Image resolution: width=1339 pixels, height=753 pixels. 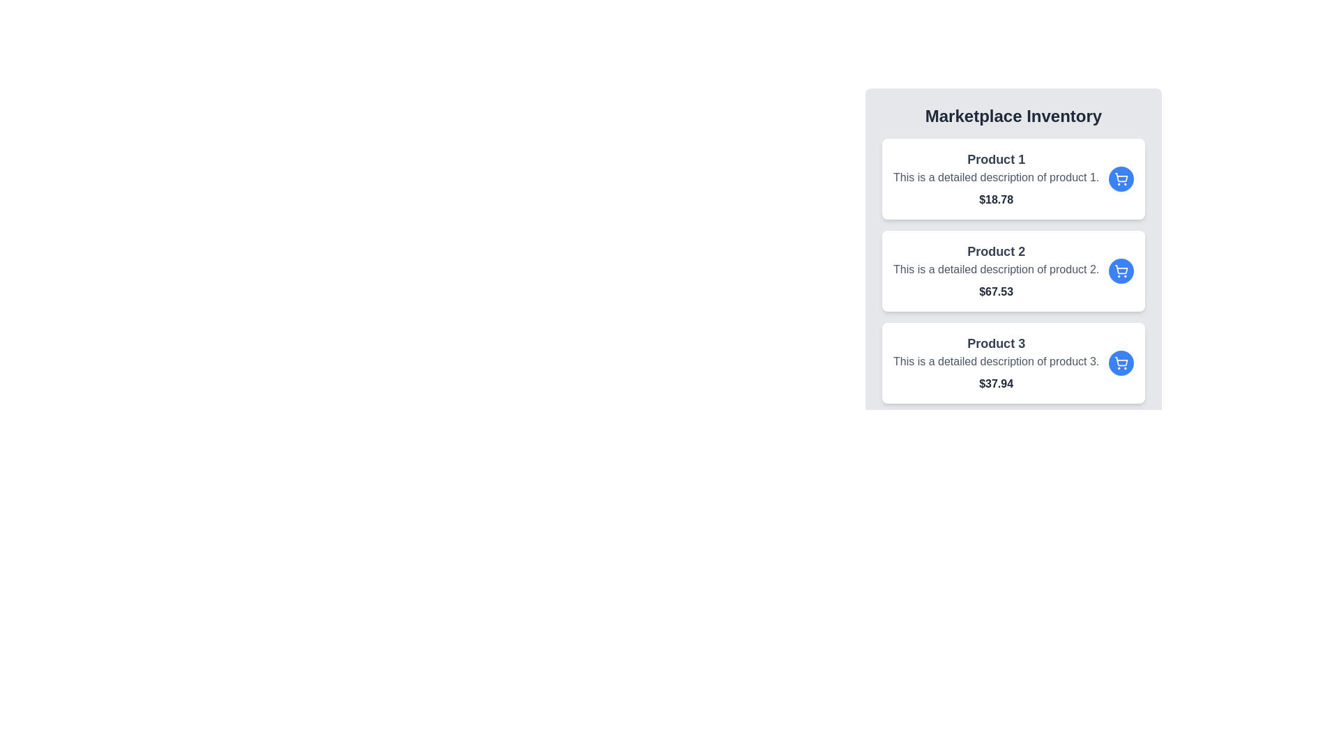 What do you see at coordinates (995, 271) in the screenshot?
I see `textual information displayed in the product information element for 'Product 2', which includes its name, description, and price` at bounding box center [995, 271].